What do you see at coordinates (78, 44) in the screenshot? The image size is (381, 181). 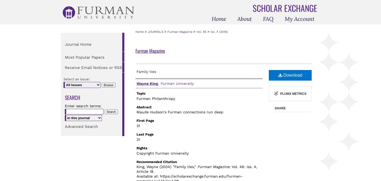 I see `'Journal Home'` at bounding box center [78, 44].